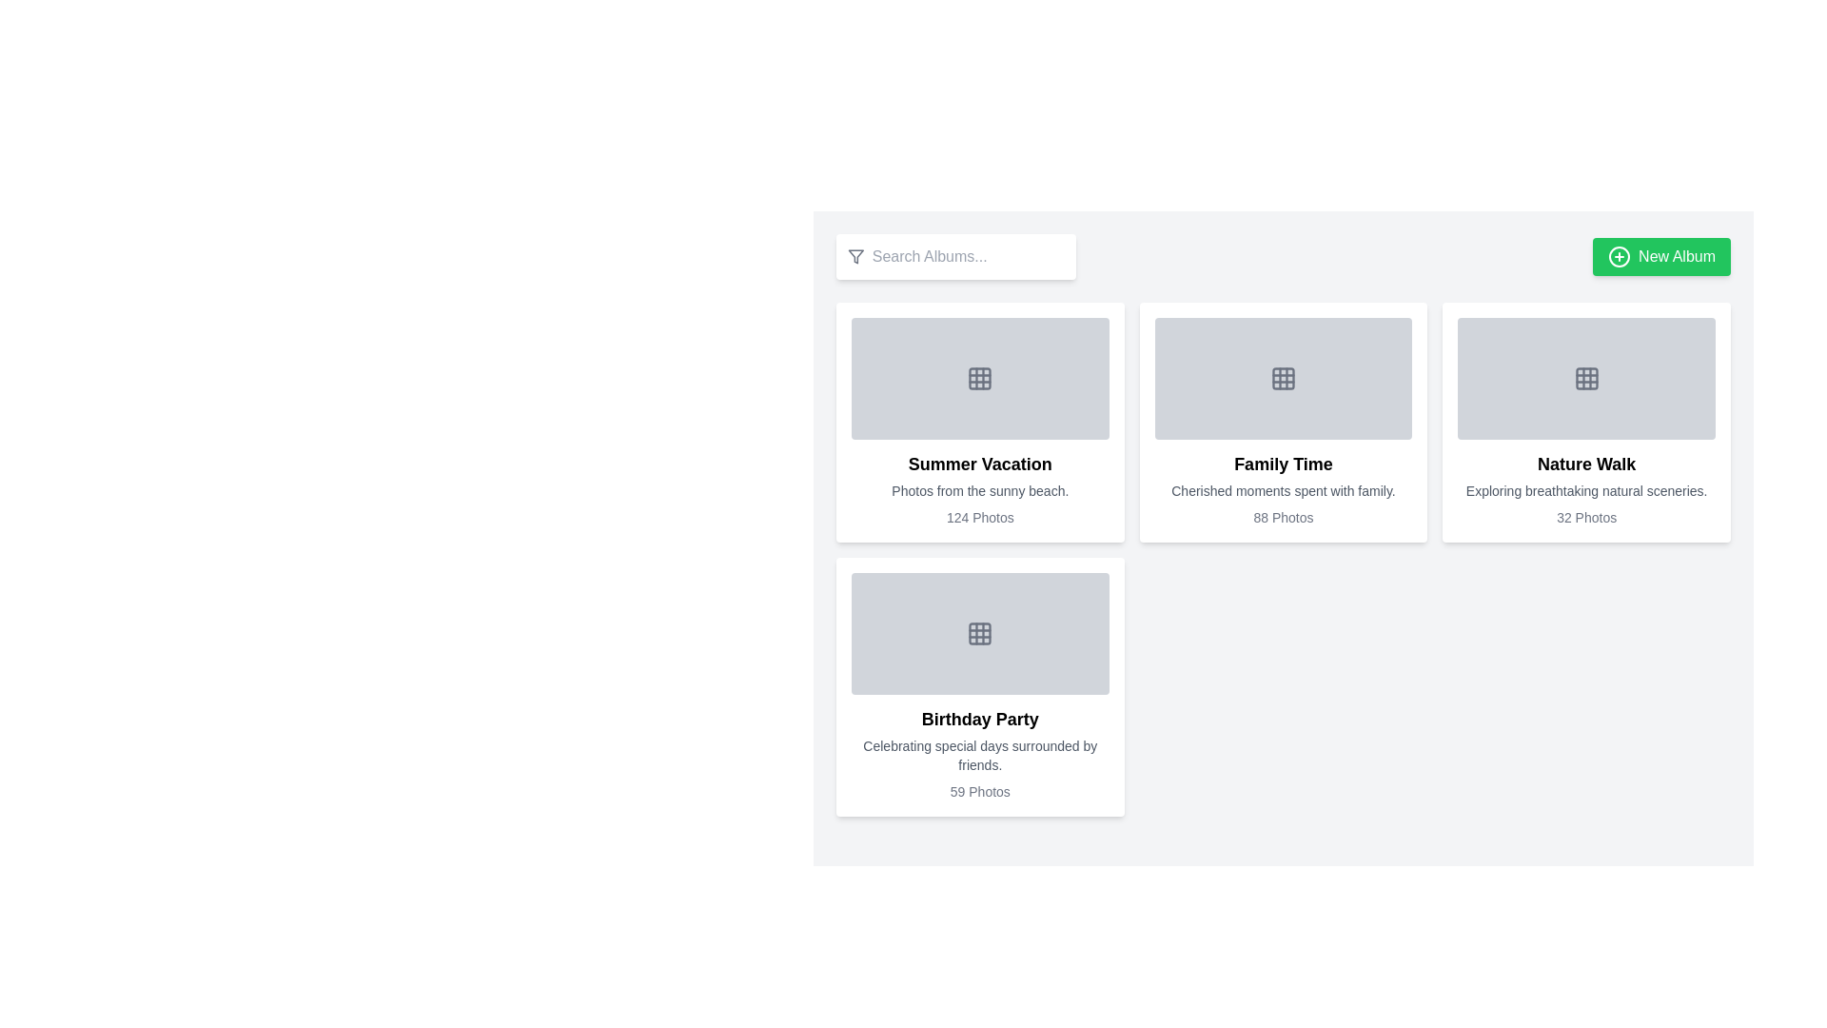  Describe the element at coordinates (1586, 465) in the screenshot. I see `the non-interactive text label that serves as a title for the 'Nature Walk' card located in the upper center of the card in the third column of a grid layout` at that location.